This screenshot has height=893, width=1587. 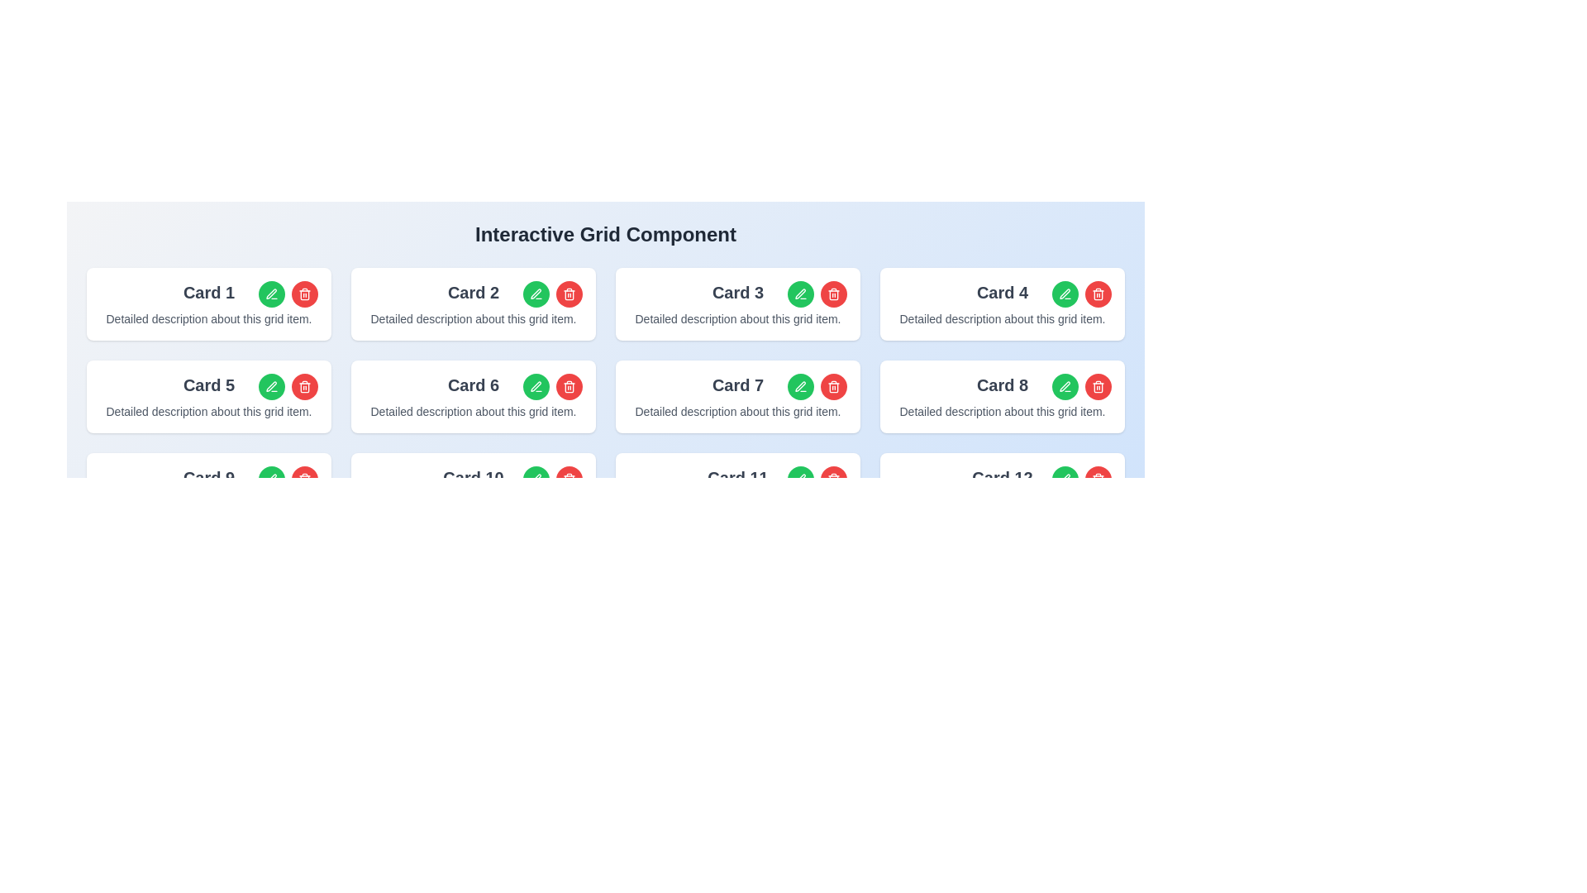 I want to click on the delete button located in the top-right corner of 'Card 1', so click(x=305, y=293).